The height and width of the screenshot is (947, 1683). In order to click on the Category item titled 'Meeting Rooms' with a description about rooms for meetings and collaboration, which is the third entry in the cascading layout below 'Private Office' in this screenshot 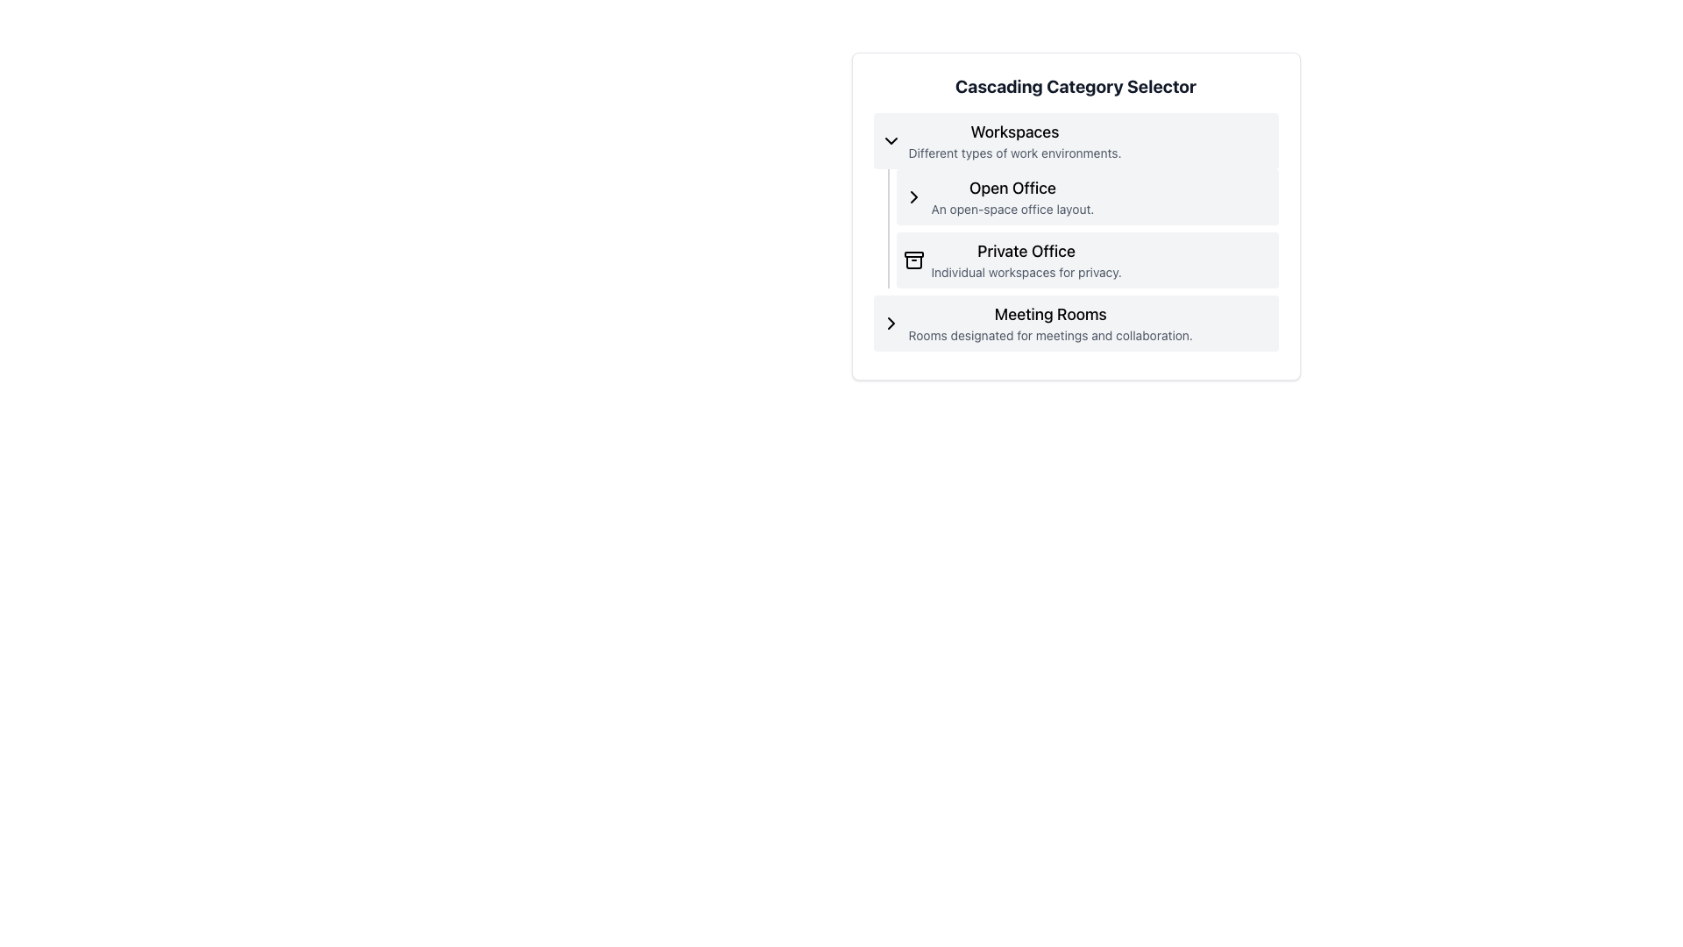, I will do `click(1050, 324)`.